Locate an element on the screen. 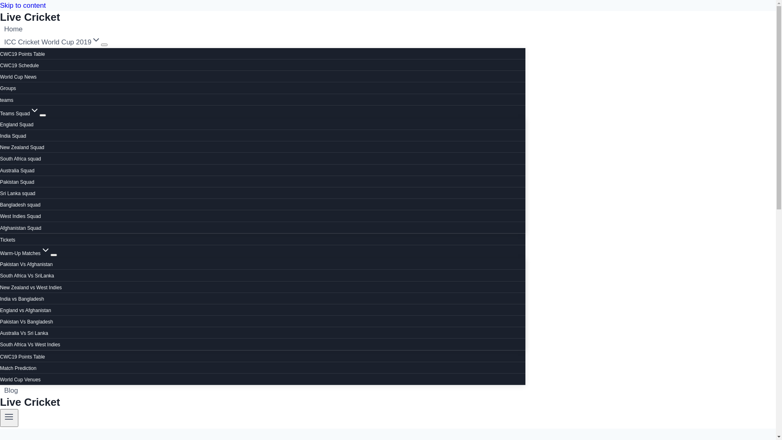 This screenshot has width=782, height=440. 'South Africa squad' is located at coordinates (20, 158).